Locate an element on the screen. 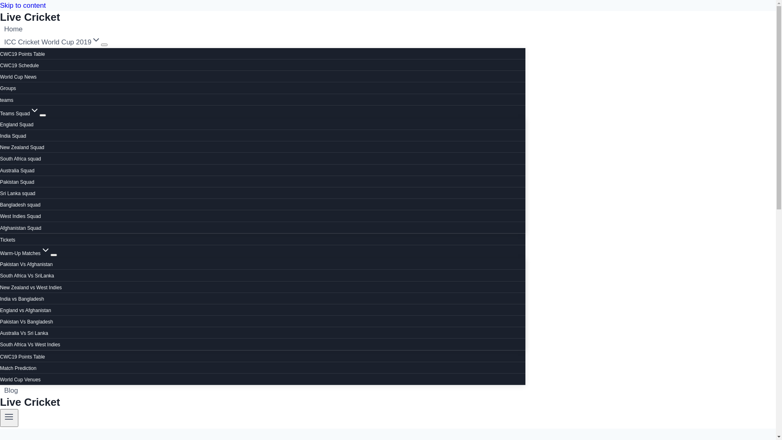 This screenshot has width=782, height=440. 'South Africa squad' is located at coordinates (20, 158).